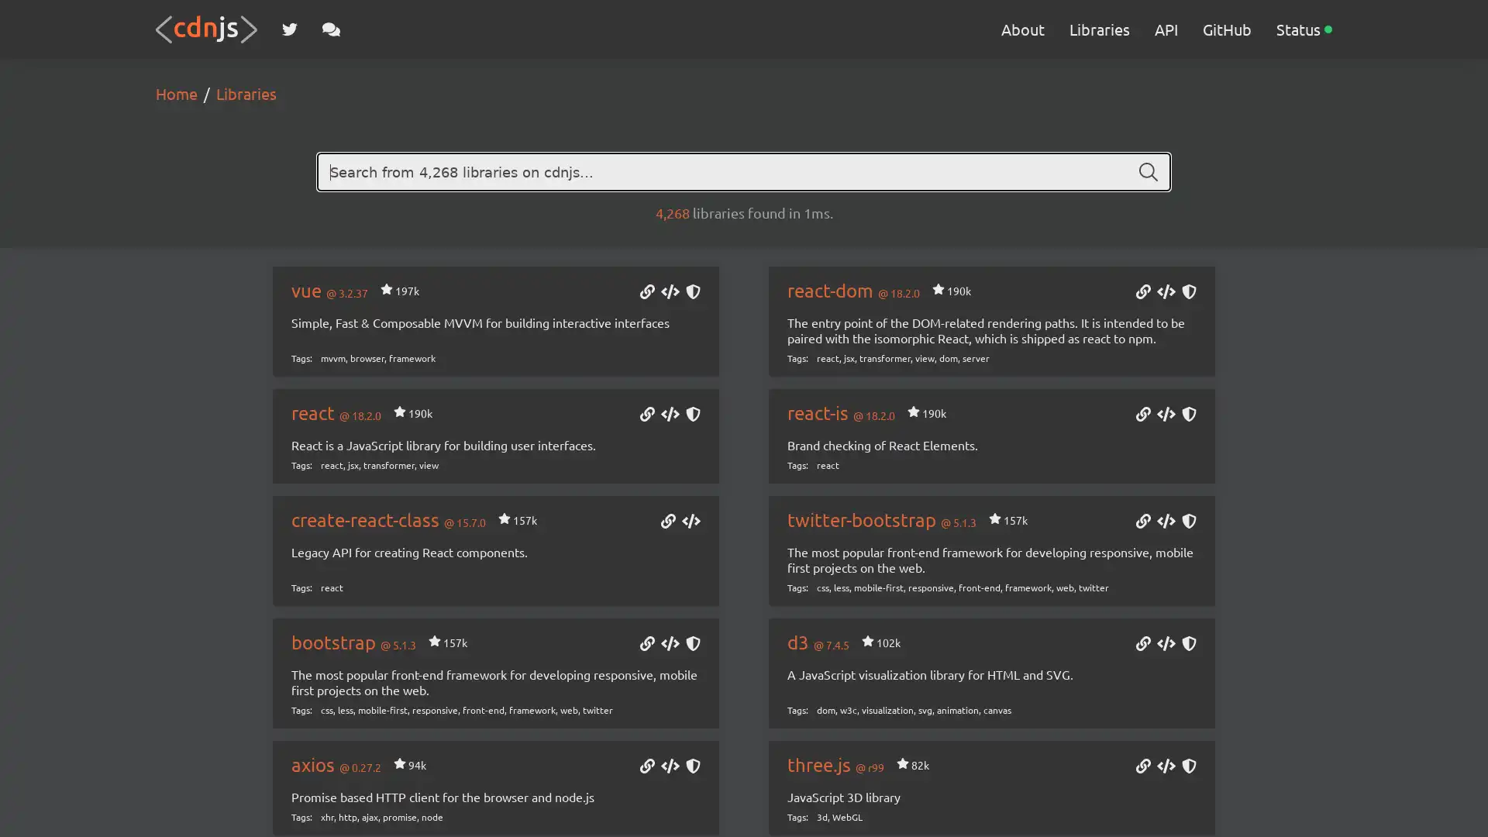 This screenshot has height=837, width=1488. I want to click on Copy URL, so click(1142, 293).